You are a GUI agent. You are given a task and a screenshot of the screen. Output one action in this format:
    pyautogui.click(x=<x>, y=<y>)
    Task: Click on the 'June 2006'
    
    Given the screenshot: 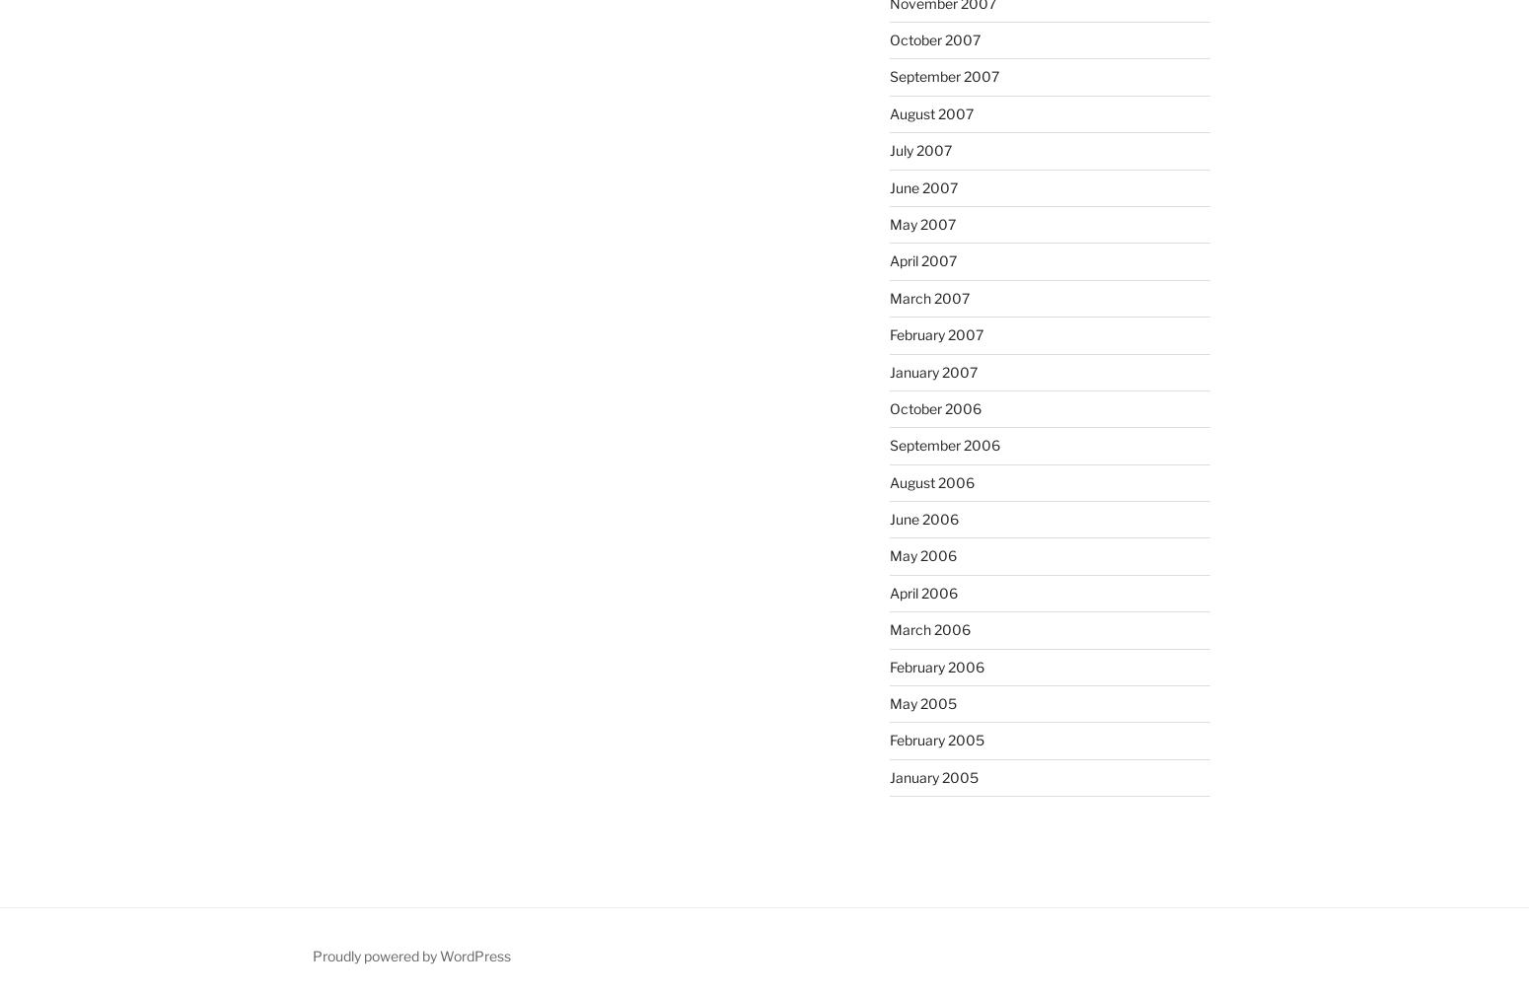 What is the action you would take?
    pyautogui.click(x=922, y=518)
    